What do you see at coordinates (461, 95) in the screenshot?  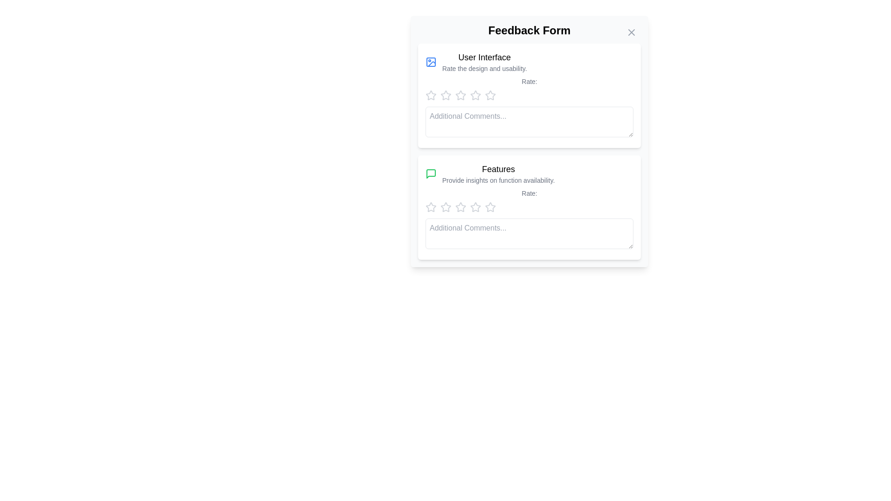 I see `on the fourth star-shaped rating icon in the 'Rate' section of the 'User Interface' feedback card` at bounding box center [461, 95].